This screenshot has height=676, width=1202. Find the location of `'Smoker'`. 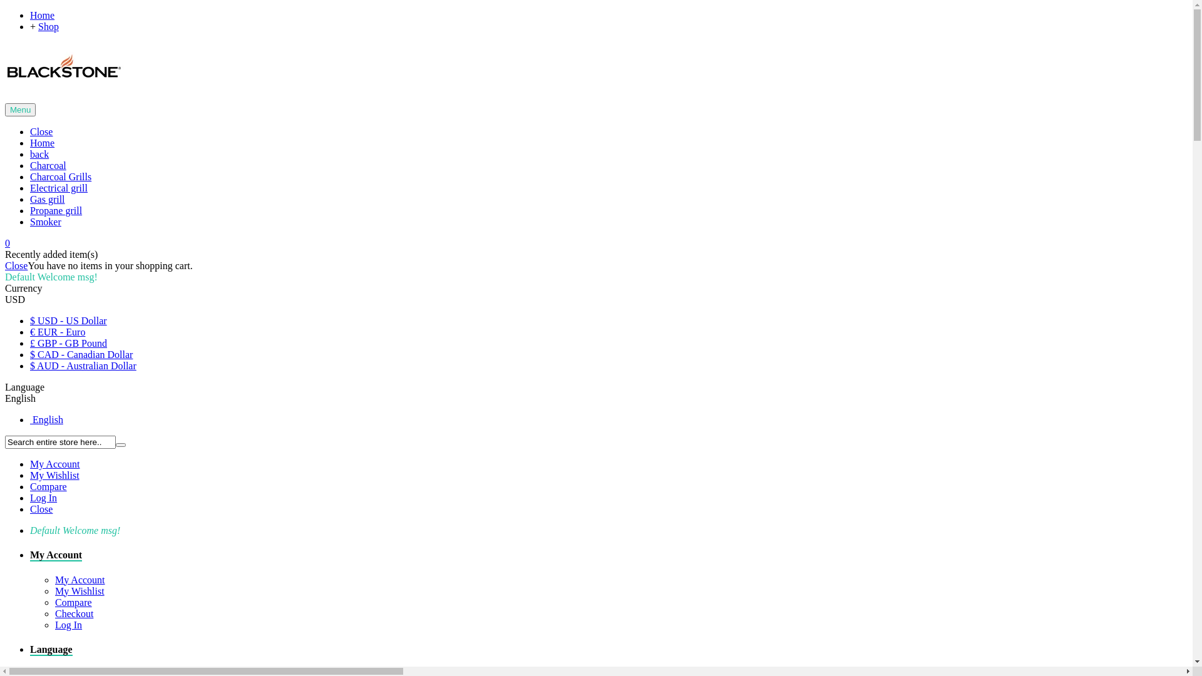

'Smoker' is located at coordinates (45, 221).